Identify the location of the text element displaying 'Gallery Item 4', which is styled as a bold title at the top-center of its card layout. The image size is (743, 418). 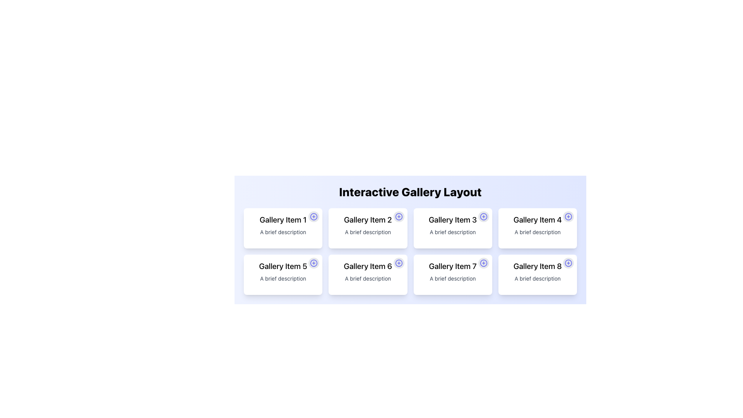
(537, 219).